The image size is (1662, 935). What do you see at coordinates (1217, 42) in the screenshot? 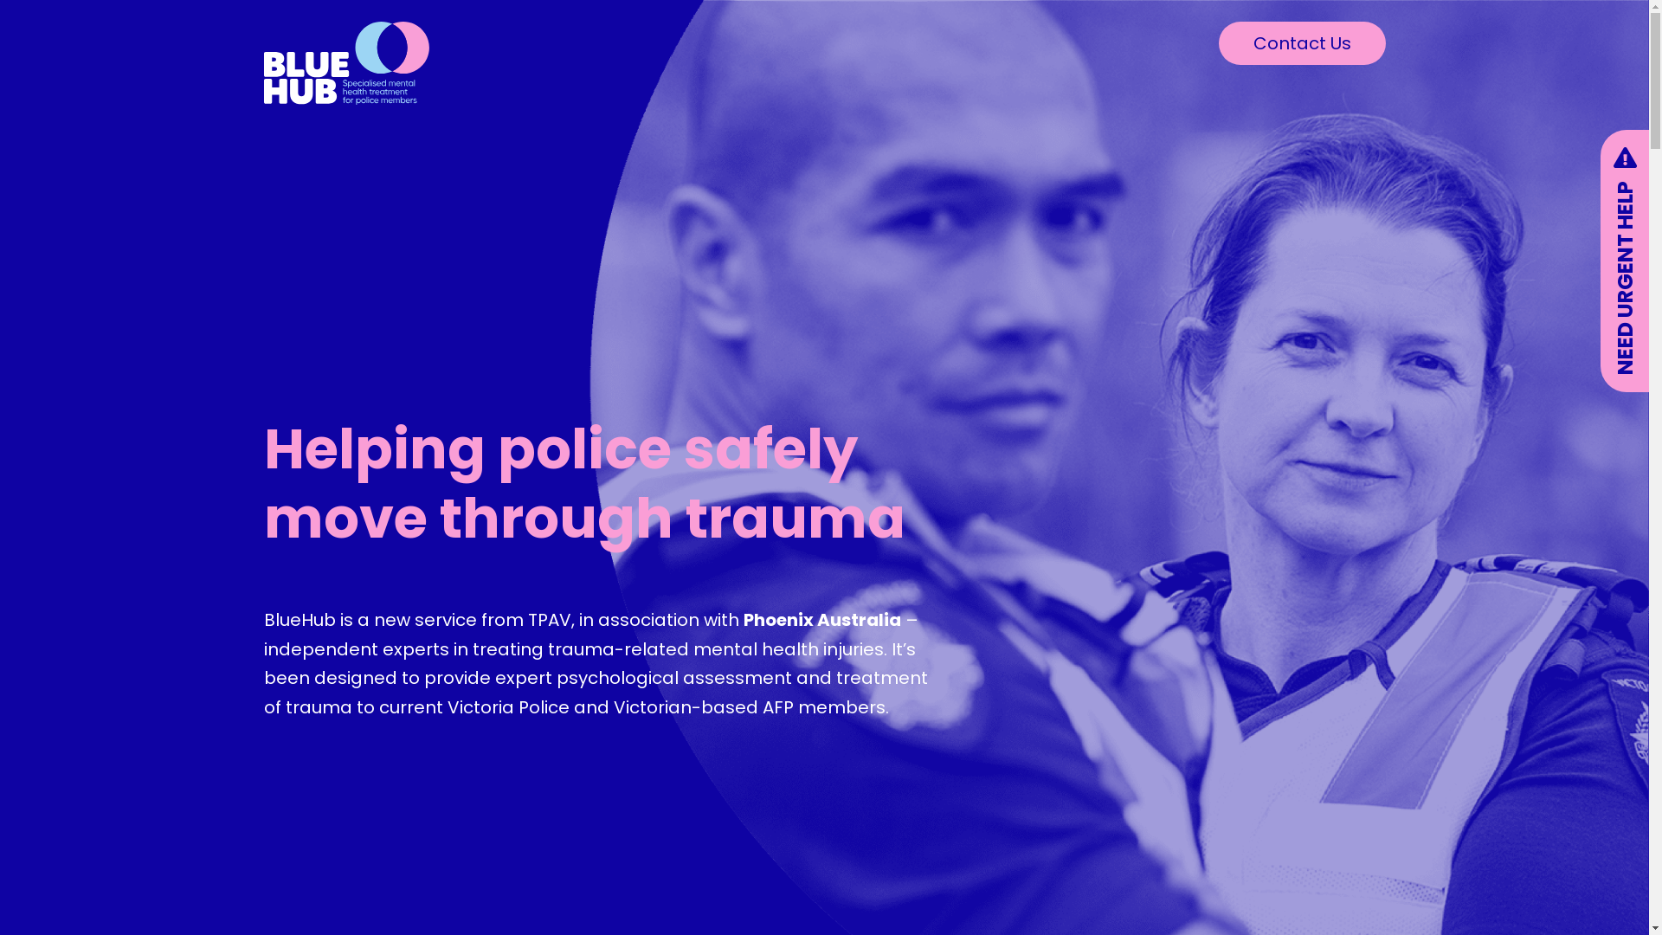
I see `'Contact Us'` at bounding box center [1217, 42].